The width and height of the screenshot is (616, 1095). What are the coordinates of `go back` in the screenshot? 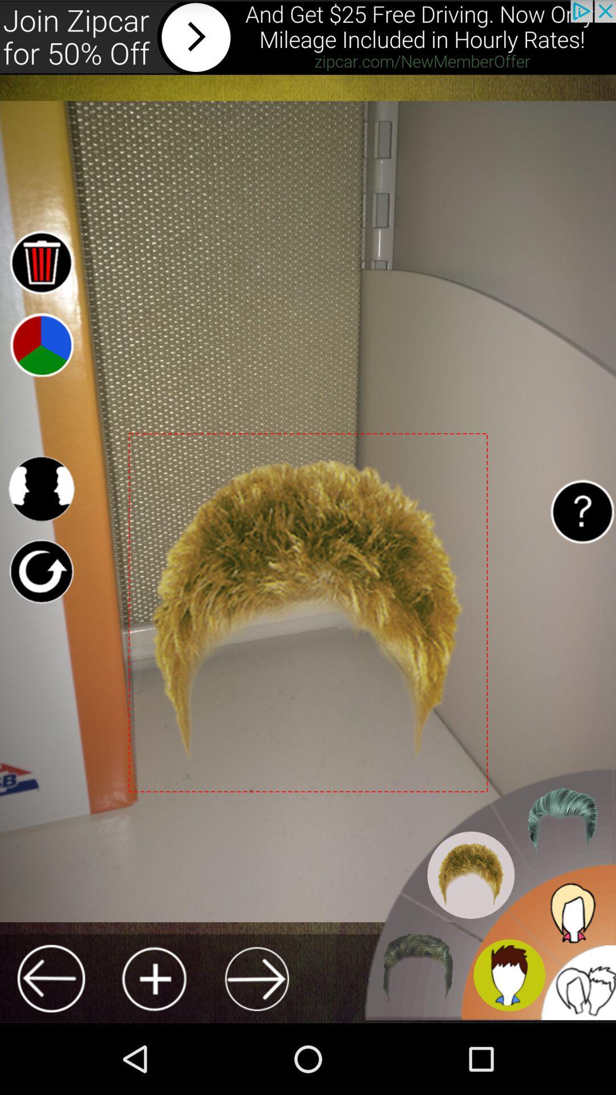 It's located at (50, 978).